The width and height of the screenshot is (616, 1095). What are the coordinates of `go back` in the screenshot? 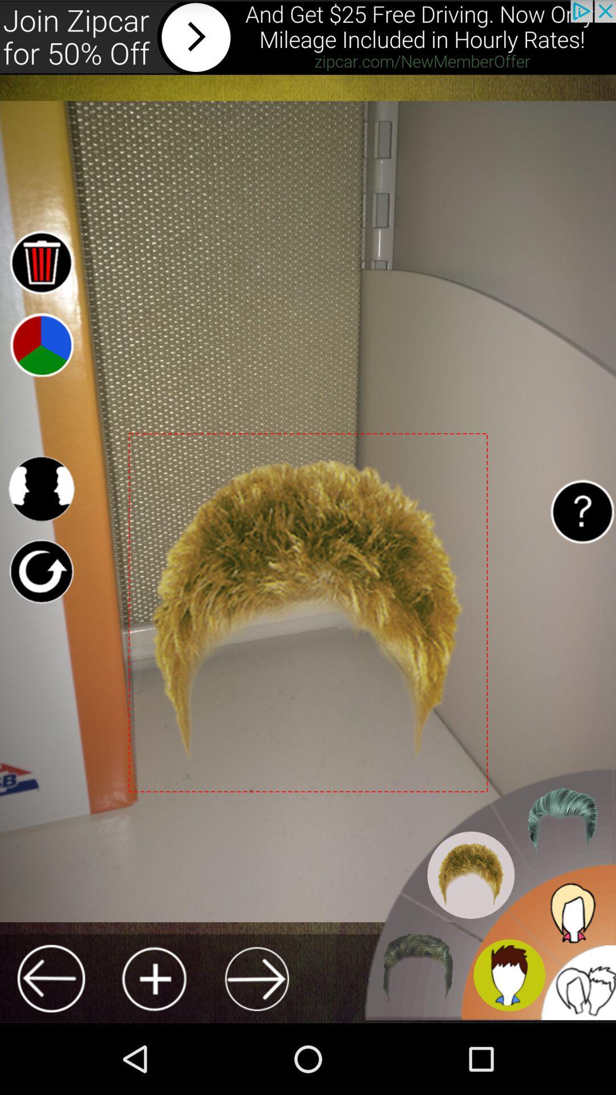 It's located at (50, 978).